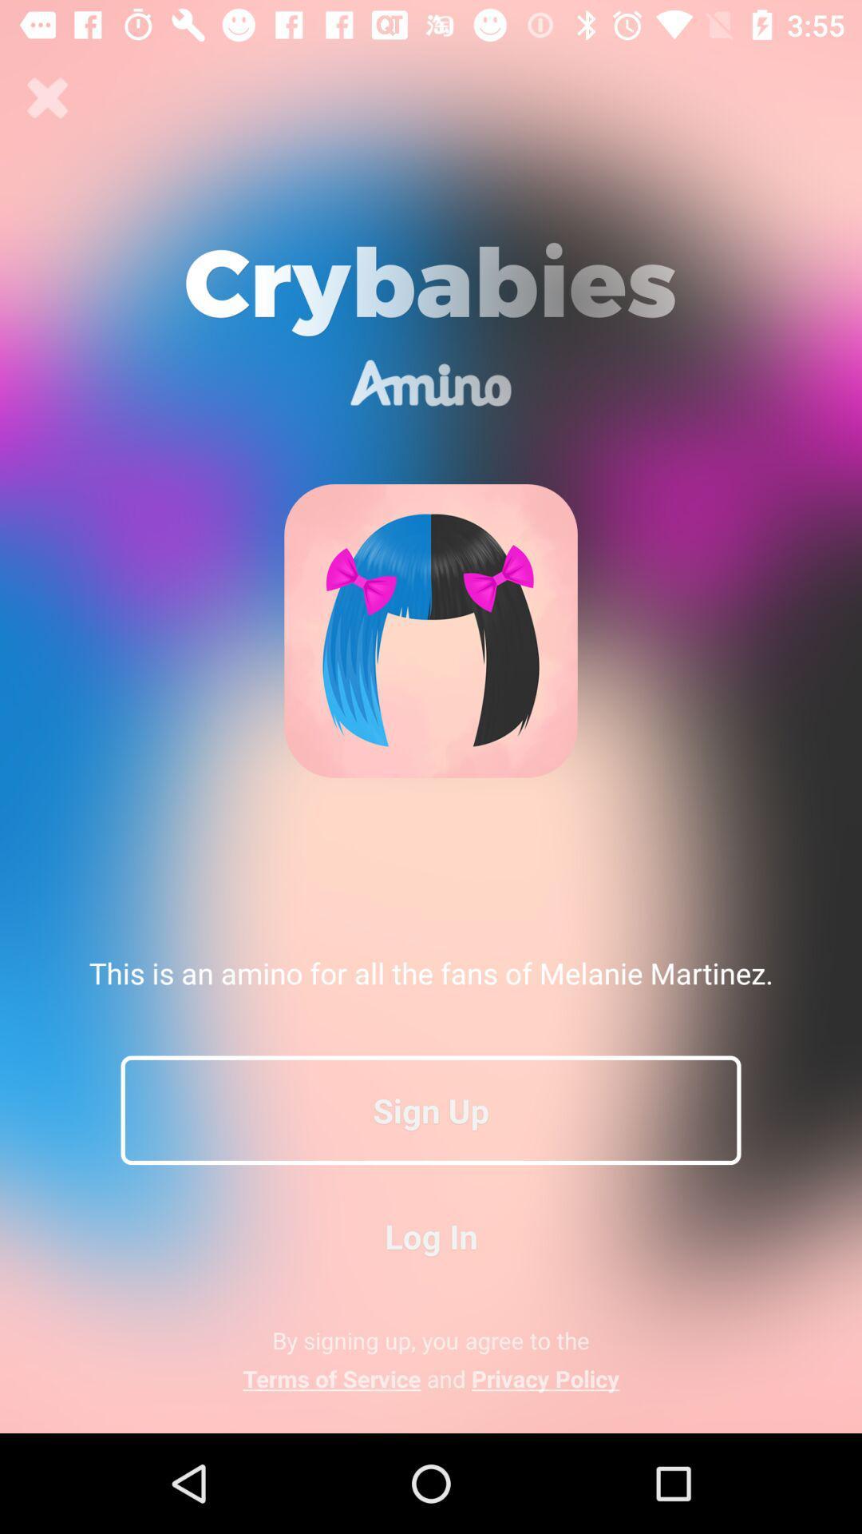 The image size is (862, 1534). What do you see at coordinates (431, 1235) in the screenshot?
I see `the log in` at bounding box center [431, 1235].